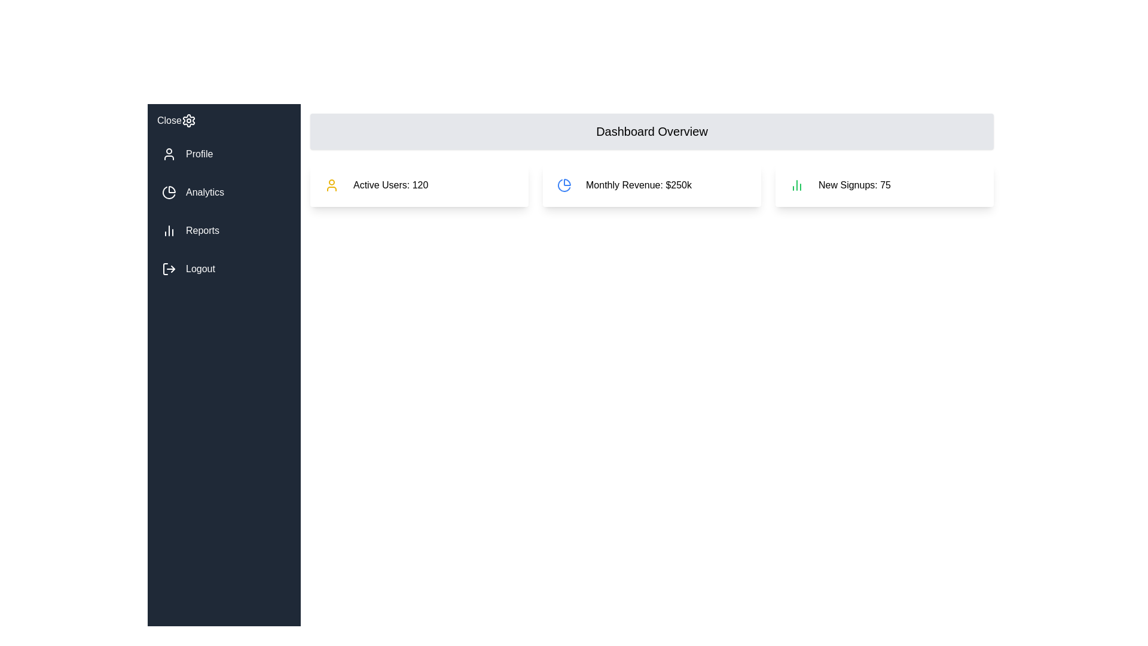 This screenshot has width=1148, height=646. What do you see at coordinates (224, 191) in the screenshot?
I see `the Analytics button located in the vertical navigation bar, which is the second item below the Profile item and above the Reports item` at bounding box center [224, 191].